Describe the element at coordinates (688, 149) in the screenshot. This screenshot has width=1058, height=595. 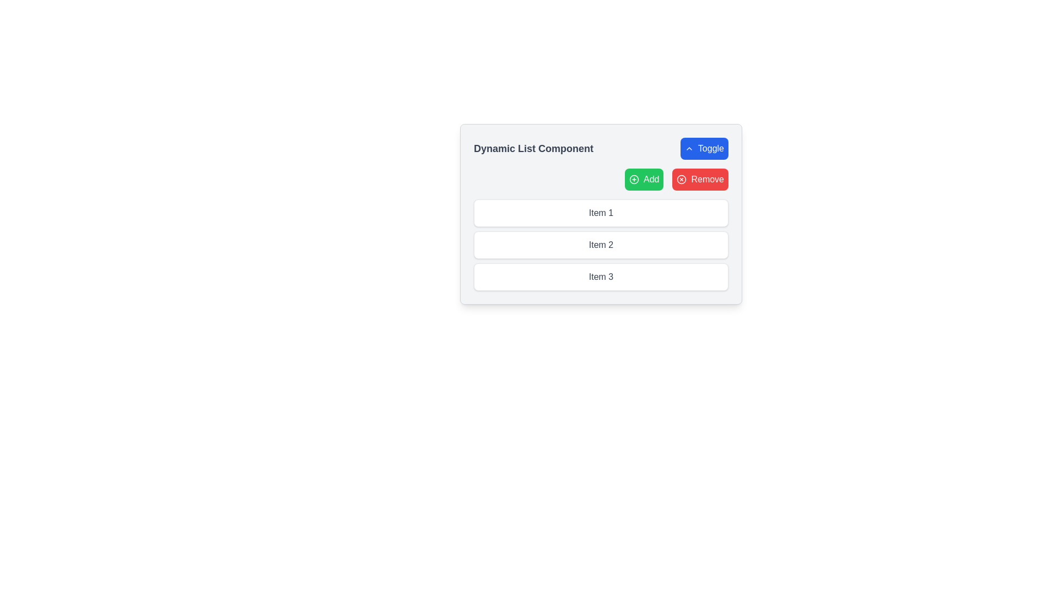
I see `the chevron-up icon within the blue button located in the top-right section of the interface` at that location.